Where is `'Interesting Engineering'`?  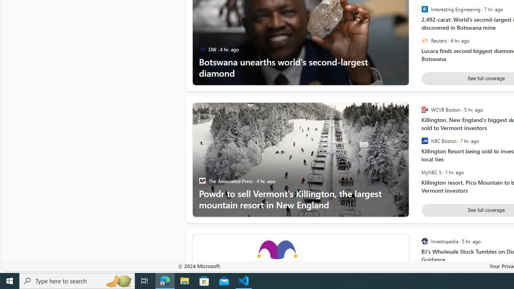
'Interesting Engineering' is located at coordinates (424, 9).